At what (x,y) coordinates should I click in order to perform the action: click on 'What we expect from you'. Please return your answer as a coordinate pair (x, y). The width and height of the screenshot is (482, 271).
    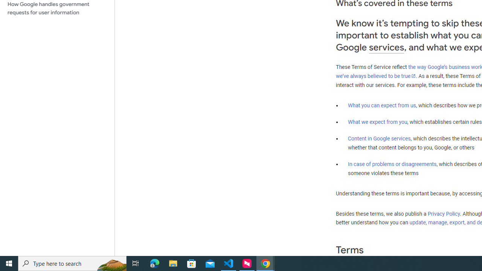
    Looking at the image, I should click on (377, 122).